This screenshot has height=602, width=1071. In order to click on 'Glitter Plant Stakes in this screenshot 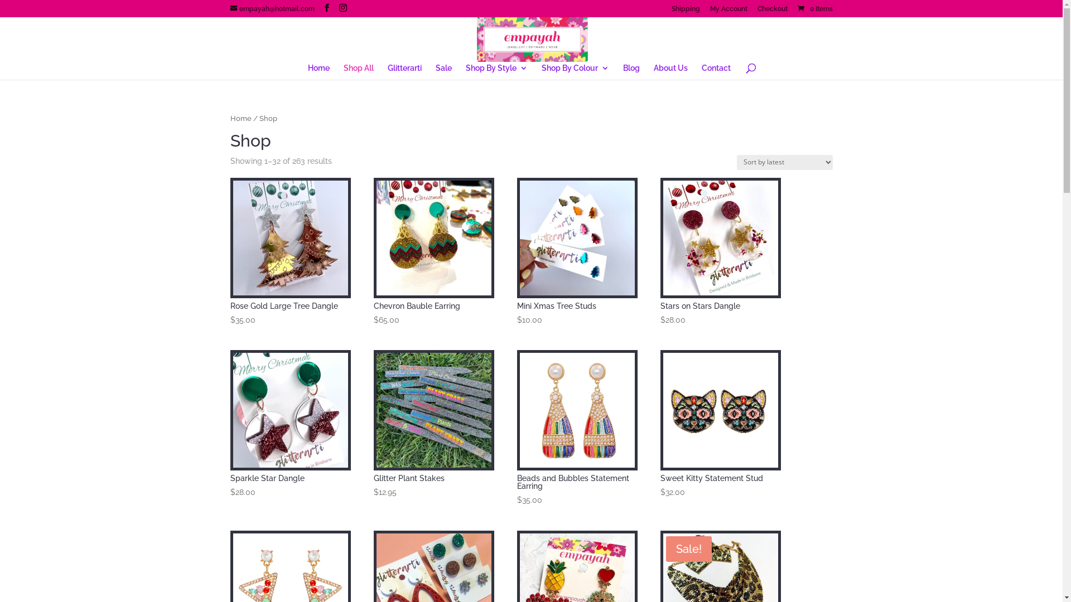, I will do `click(433, 425)`.